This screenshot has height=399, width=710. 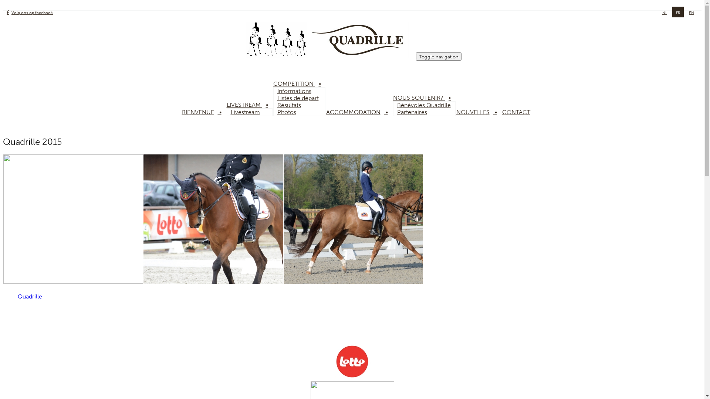 I want to click on 'Livestream', so click(x=245, y=112).